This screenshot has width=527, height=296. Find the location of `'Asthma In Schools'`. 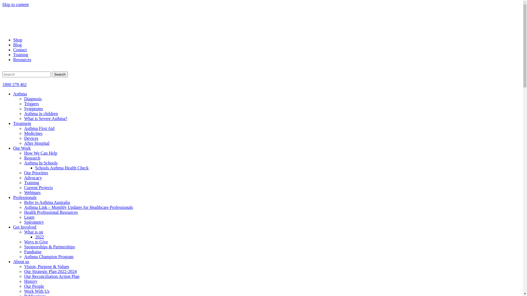

'Asthma In Schools' is located at coordinates (40, 163).